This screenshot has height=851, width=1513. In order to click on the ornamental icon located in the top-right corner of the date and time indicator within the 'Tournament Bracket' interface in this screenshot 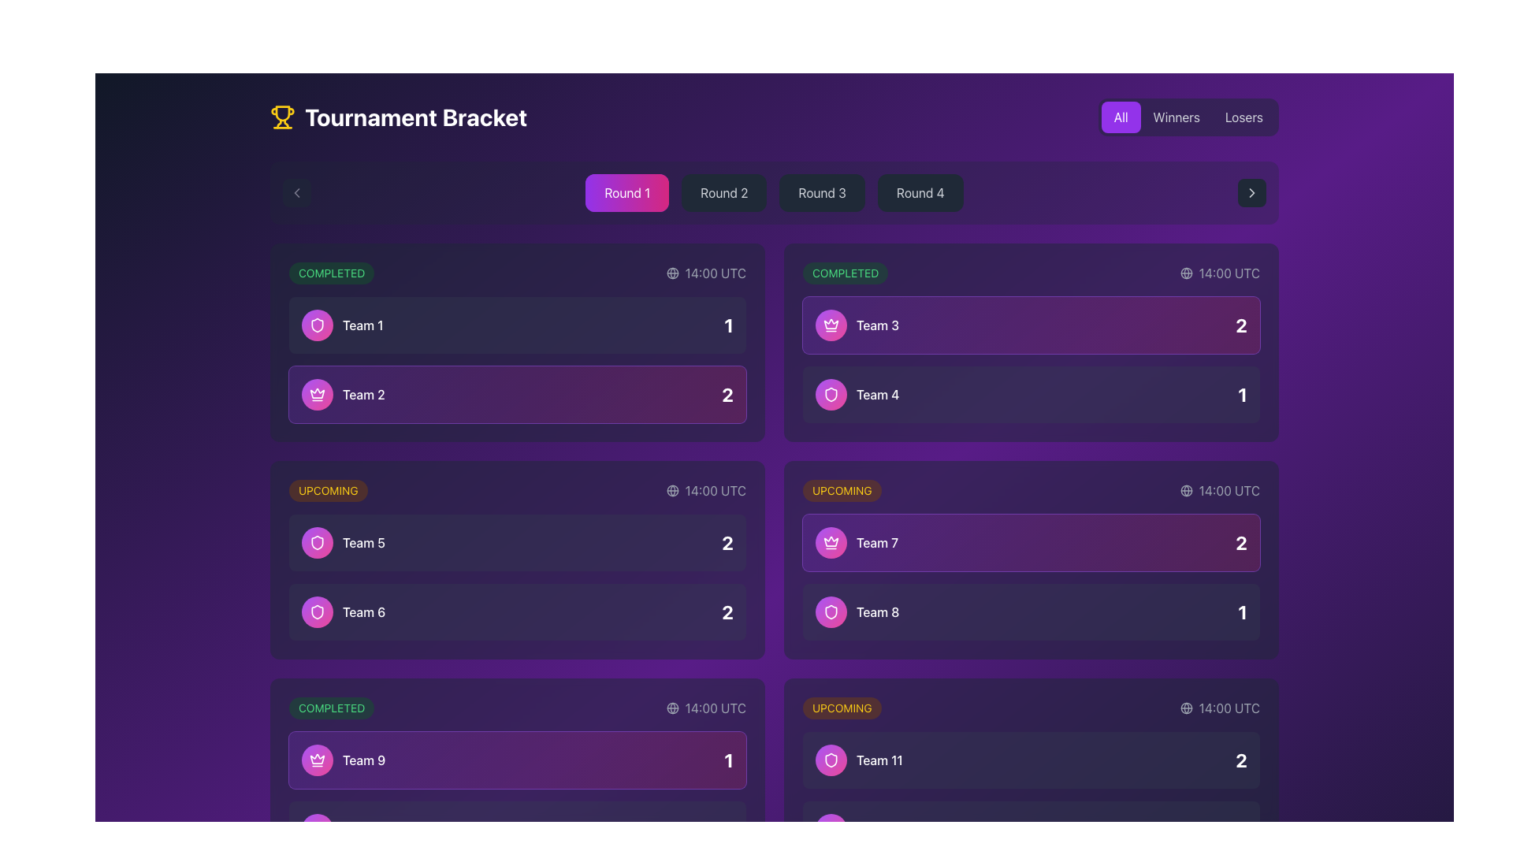, I will do `click(1186, 707)`.